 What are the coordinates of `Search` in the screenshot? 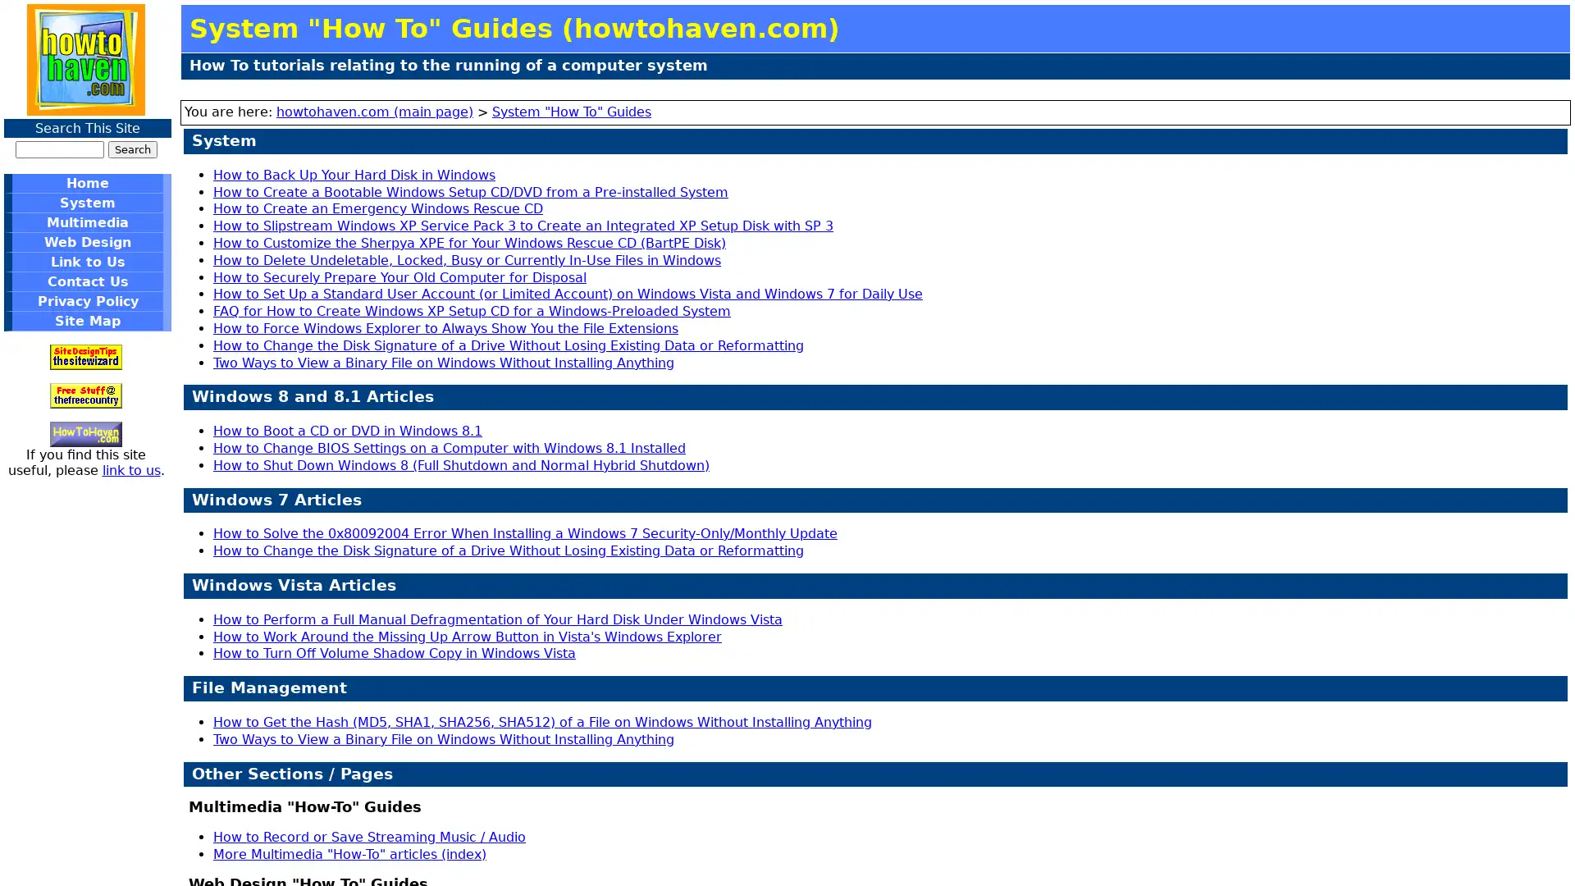 It's located at (132, 149).